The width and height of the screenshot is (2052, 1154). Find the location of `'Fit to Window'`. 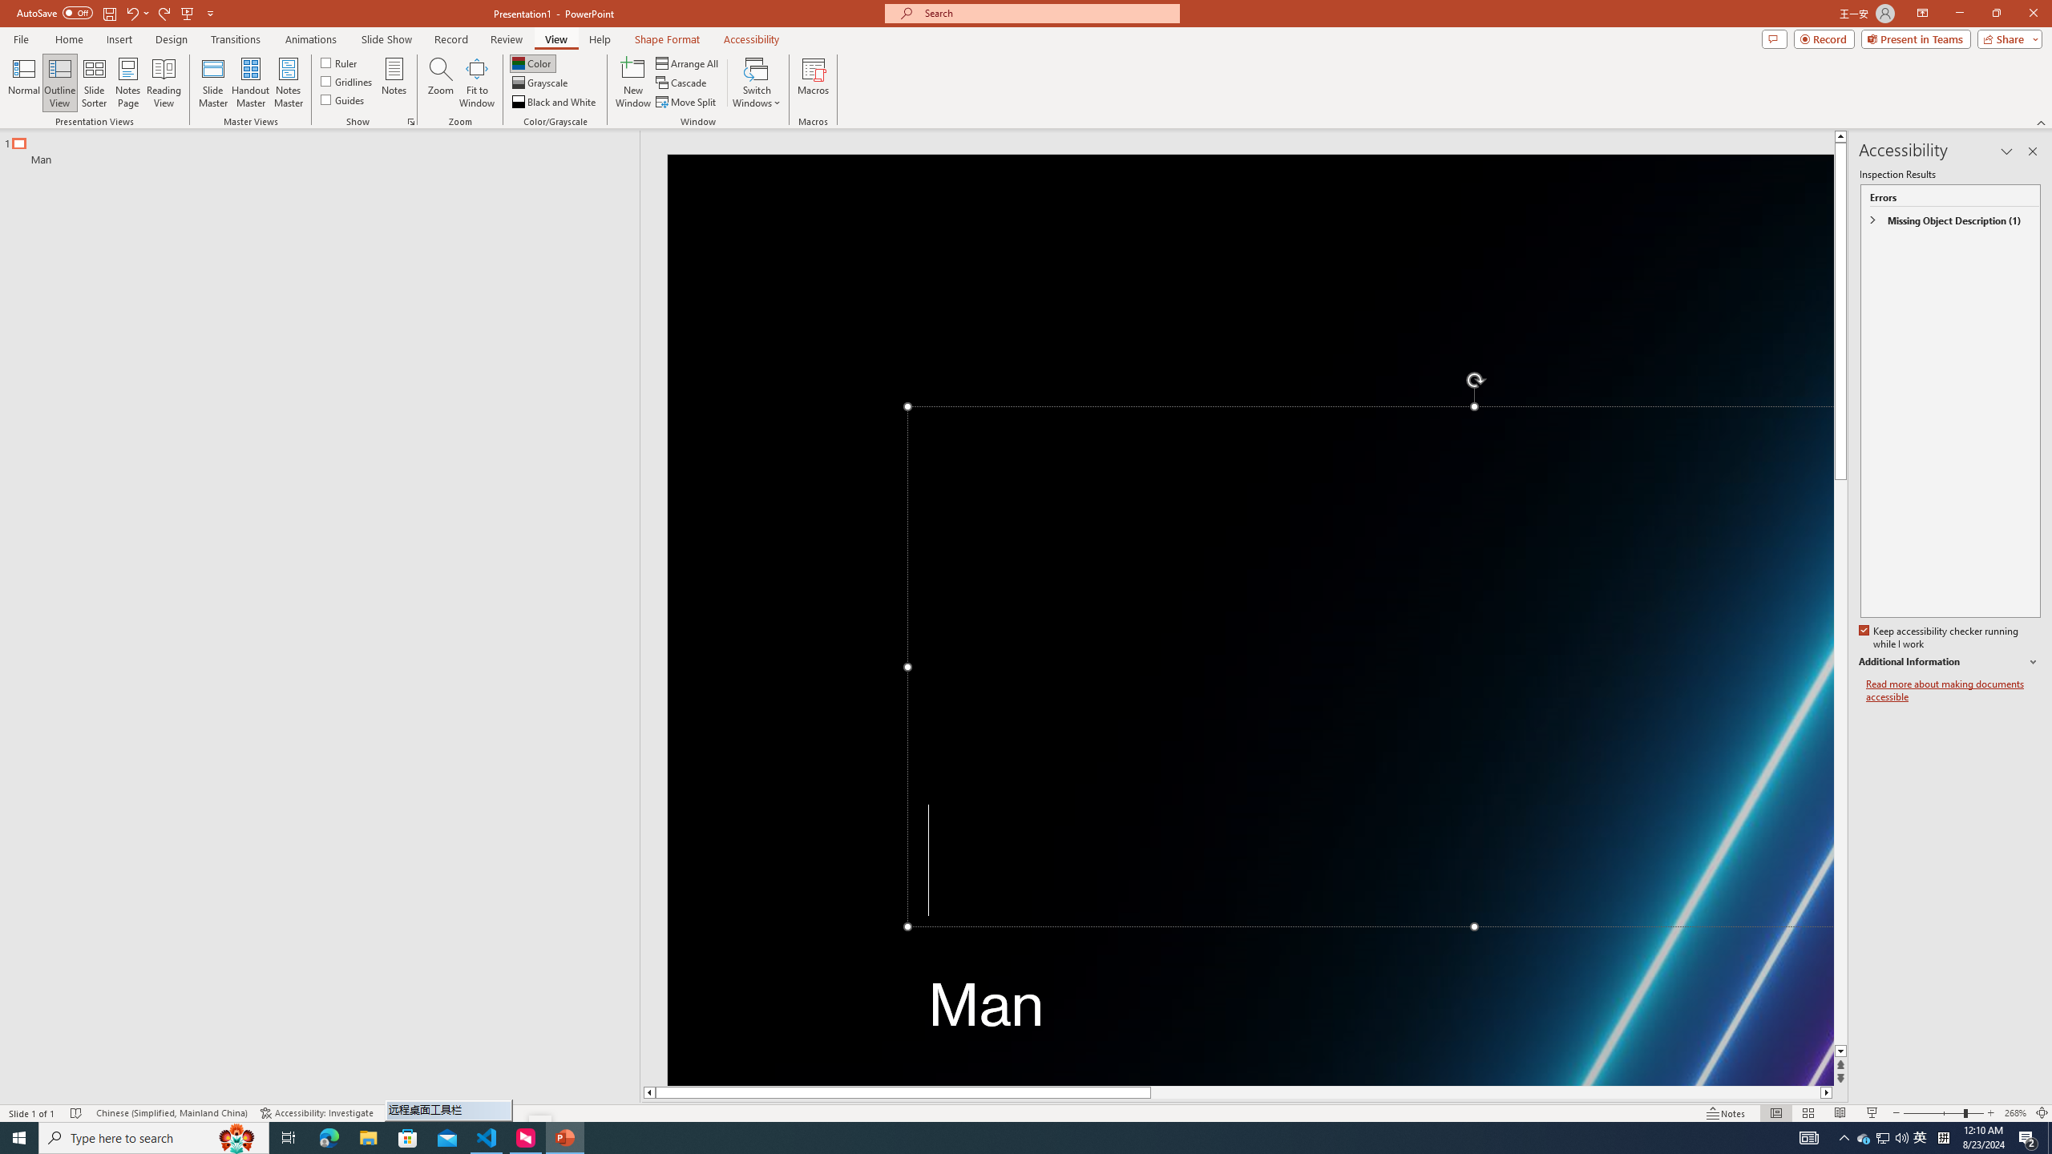

'Fit to Window' is located at coordinates (477, 83).